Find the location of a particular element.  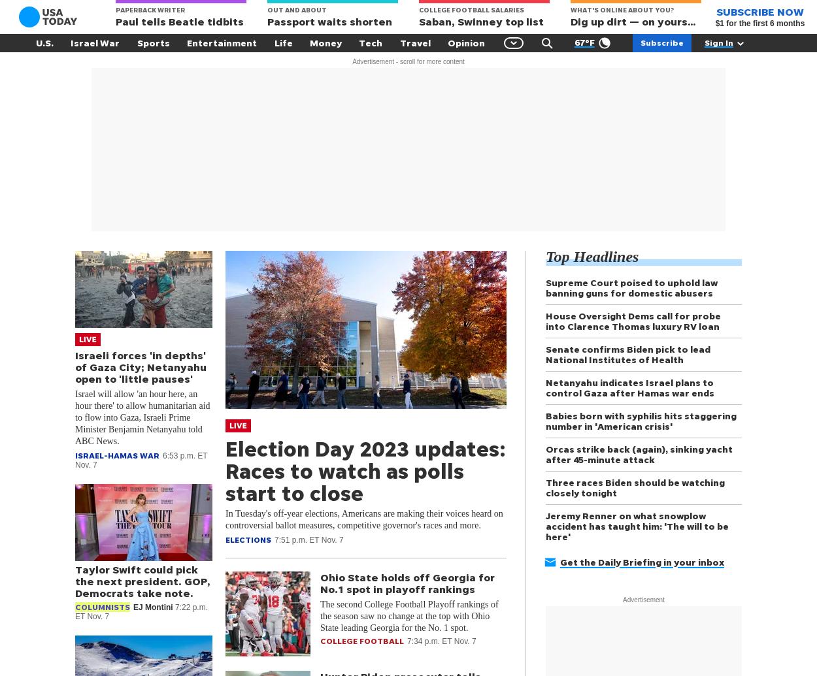

'Sports' is located at coordinates (152, 42).